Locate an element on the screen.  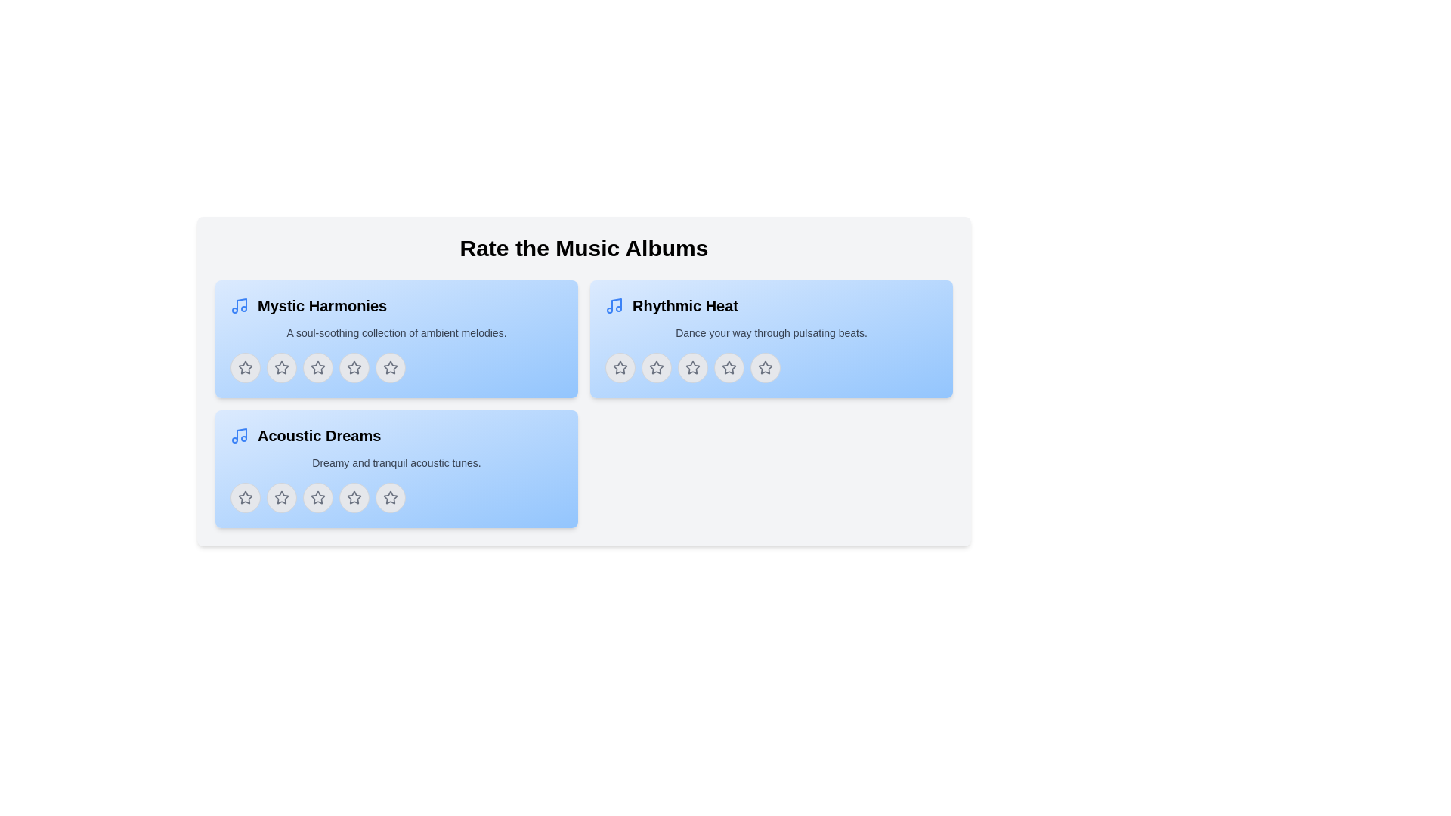
the text label for the music album 'Acoustic Dreams', which is centrally aligned in the left card of the second row in the grid layout is located at coordinates (318, 436).